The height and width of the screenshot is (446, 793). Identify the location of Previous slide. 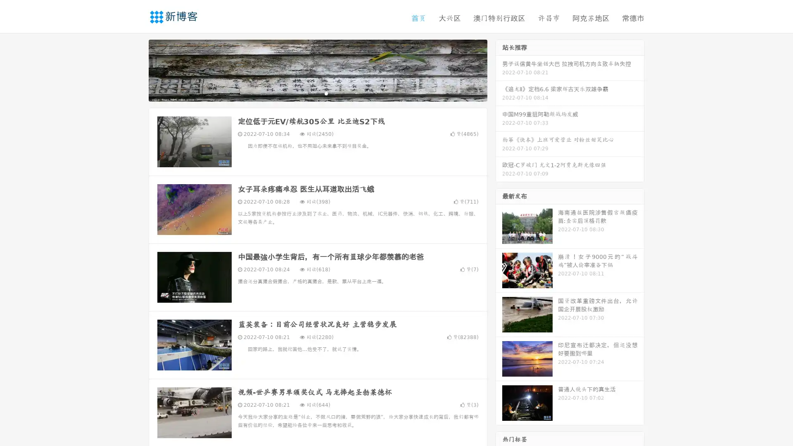
(136, 69).